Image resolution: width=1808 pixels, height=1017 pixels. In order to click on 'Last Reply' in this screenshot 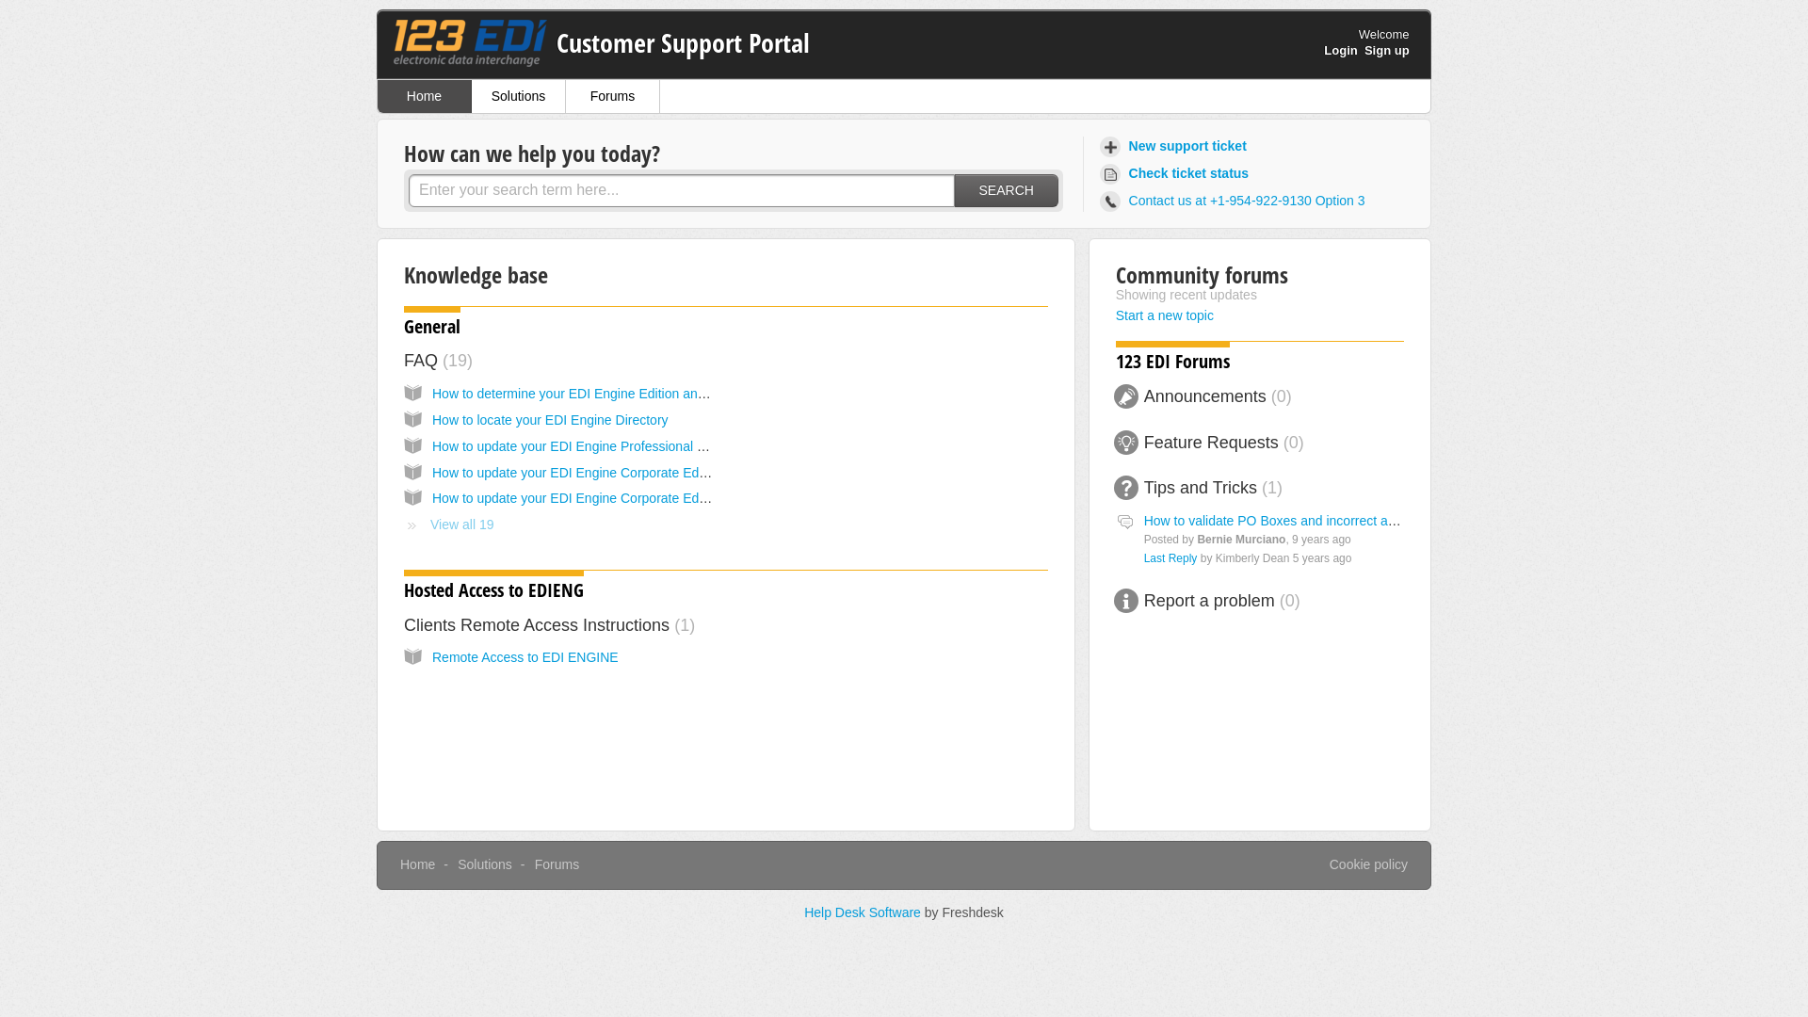, I will do `click(1142, 557)`.